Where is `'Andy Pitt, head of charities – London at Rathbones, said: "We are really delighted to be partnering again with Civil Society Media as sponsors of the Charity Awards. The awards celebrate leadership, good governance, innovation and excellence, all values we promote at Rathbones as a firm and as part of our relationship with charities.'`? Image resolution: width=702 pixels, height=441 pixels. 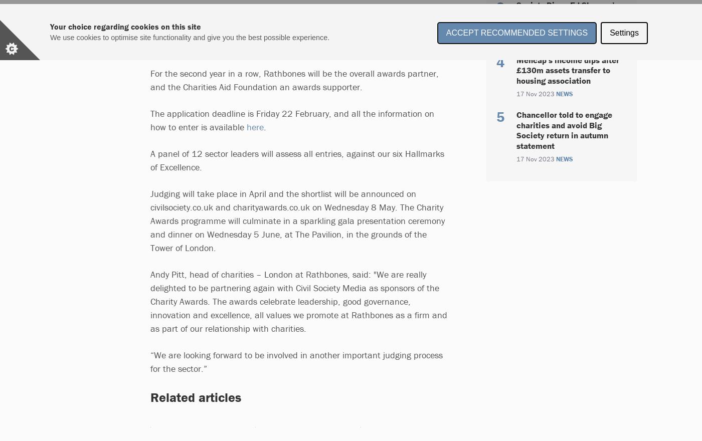
'Andy Pitt, head of charities – London at Rathbones, said: "We are really delighted to be partnering again with Civil Society Media as sponsors of the Charity Awards. The awards celebrate leadership, good governance, innovation and excellence, all values we promote at Rathbones as a firm and as part of our relationship with charities.' is located at coordinates (298, 301).